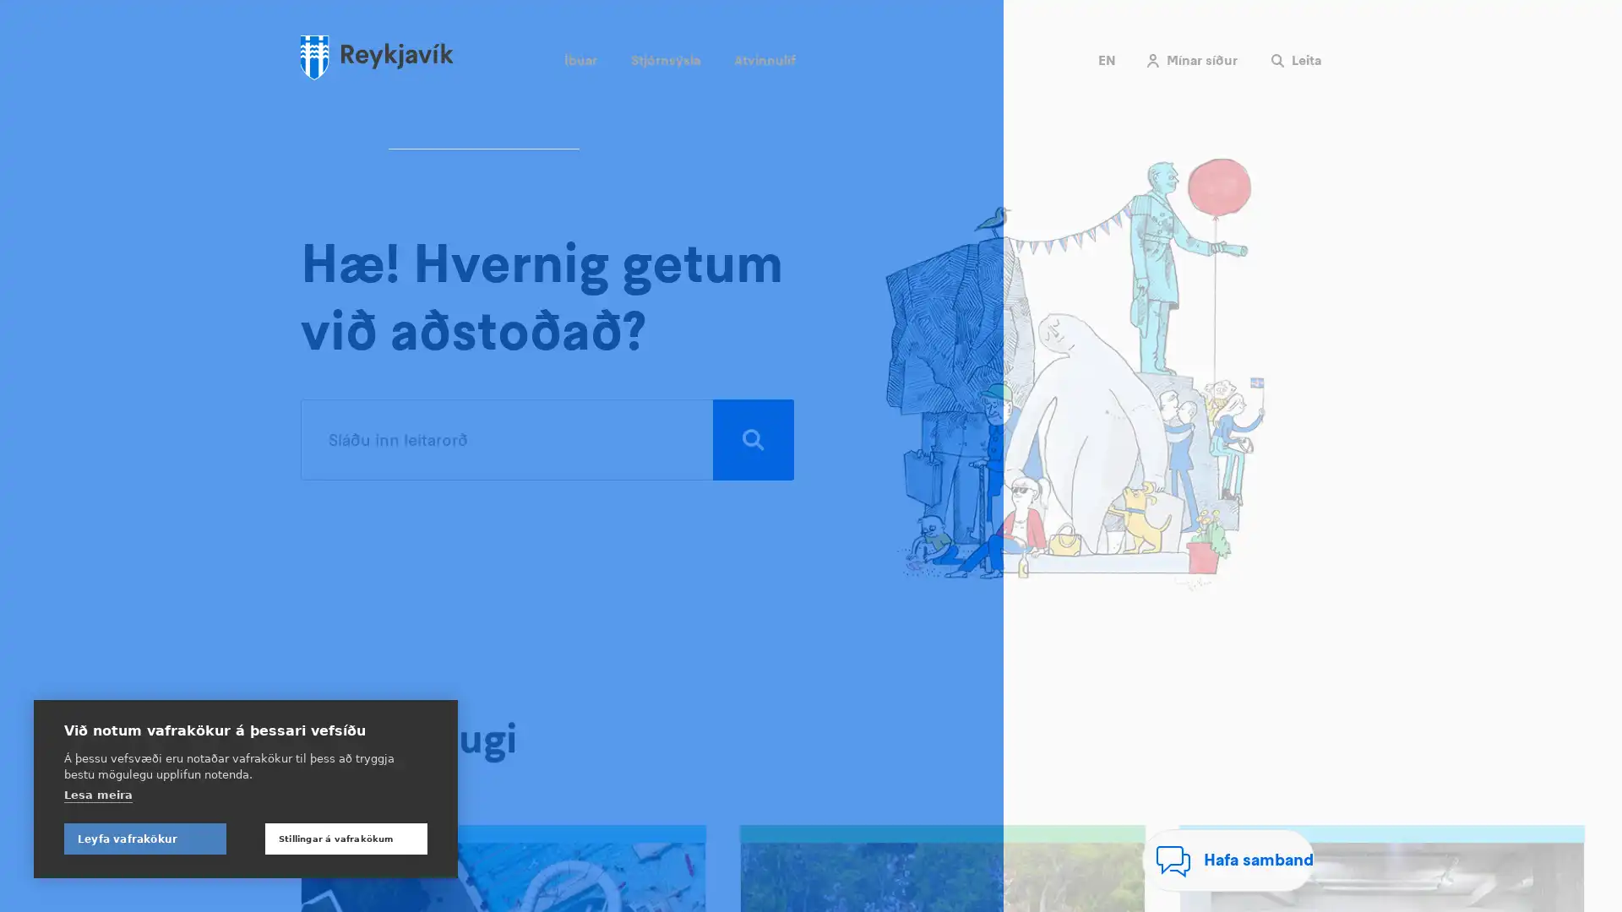 Image resolution: width=1622 pixels, height=912 pixels. I want to click on Atvinnulif, so click(764, 57).